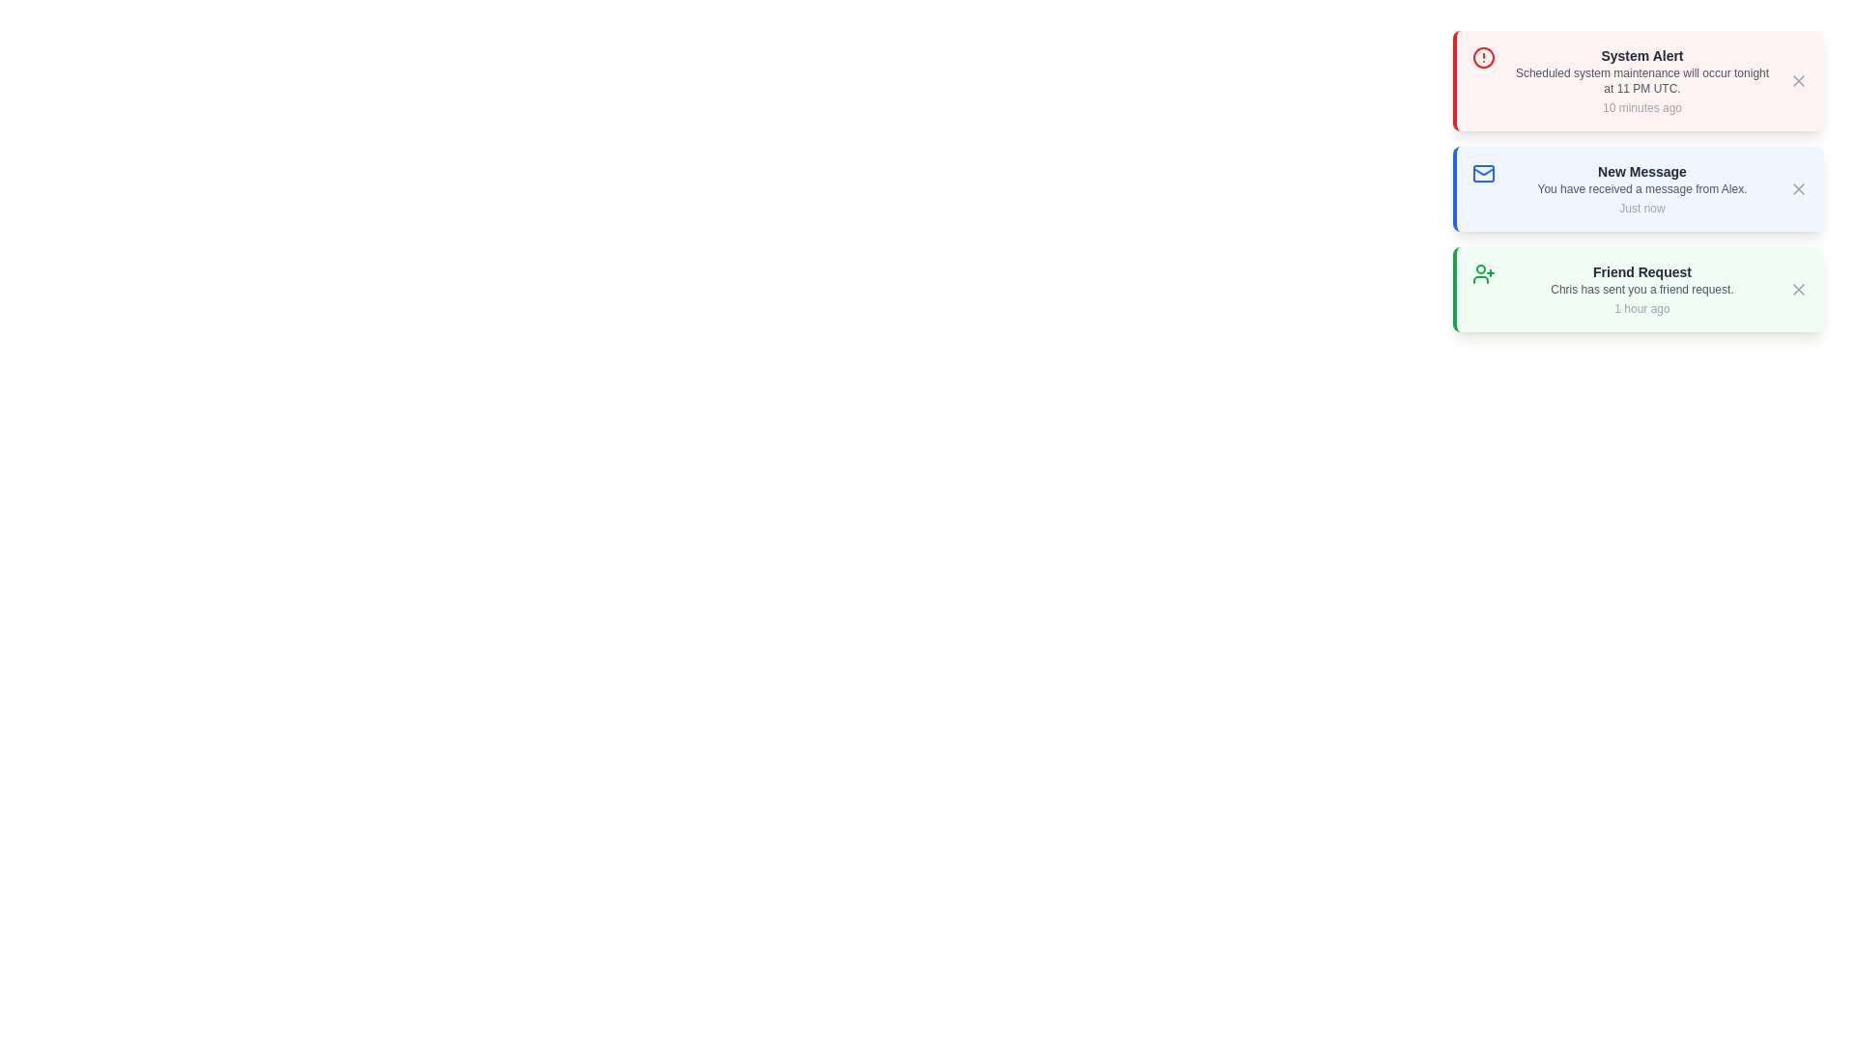 This screenshot has width=1855, height=1043. What do you see at coordinates (1641, 54) in the screenshot?
I see `the text element that displays 'System Alert', which is styled in bold and located at the beginning of a notice box with a light red background` at bounding box center [1641, 54].